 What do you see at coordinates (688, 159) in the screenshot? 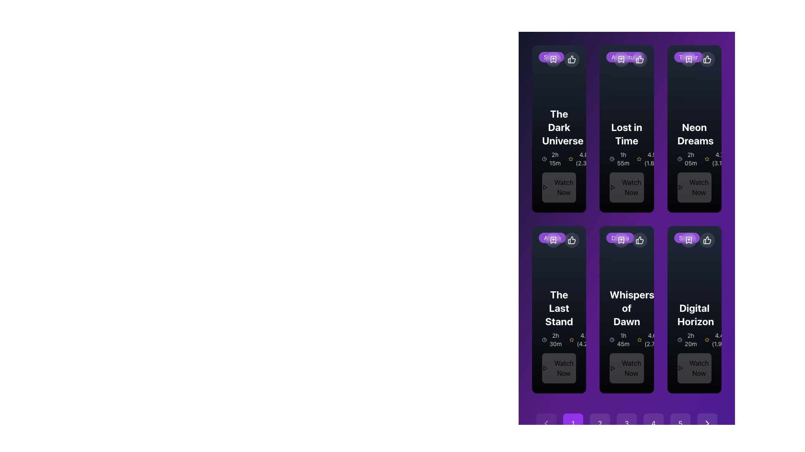
I see `the static text display for showing the duration of a media item, located in the third column of cards, preceding the rating text and star icon` at bounding box center [688, 159].